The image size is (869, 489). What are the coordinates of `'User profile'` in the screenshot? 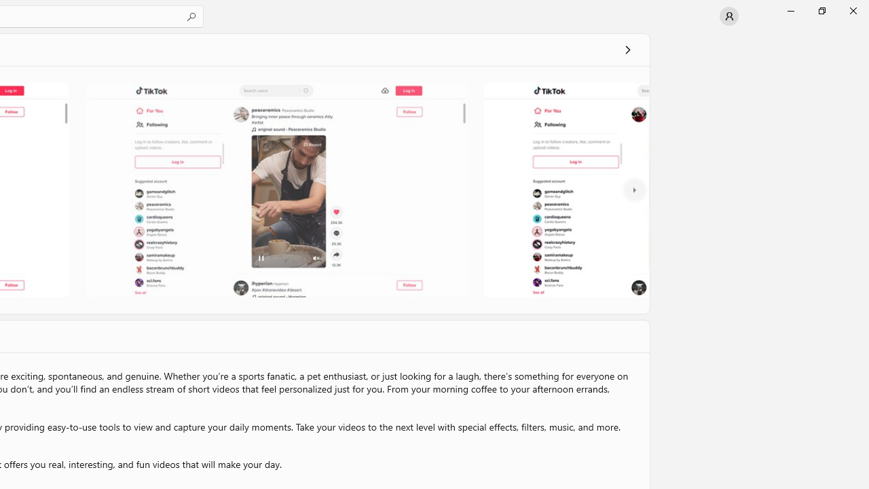 It's located at (728, 16).